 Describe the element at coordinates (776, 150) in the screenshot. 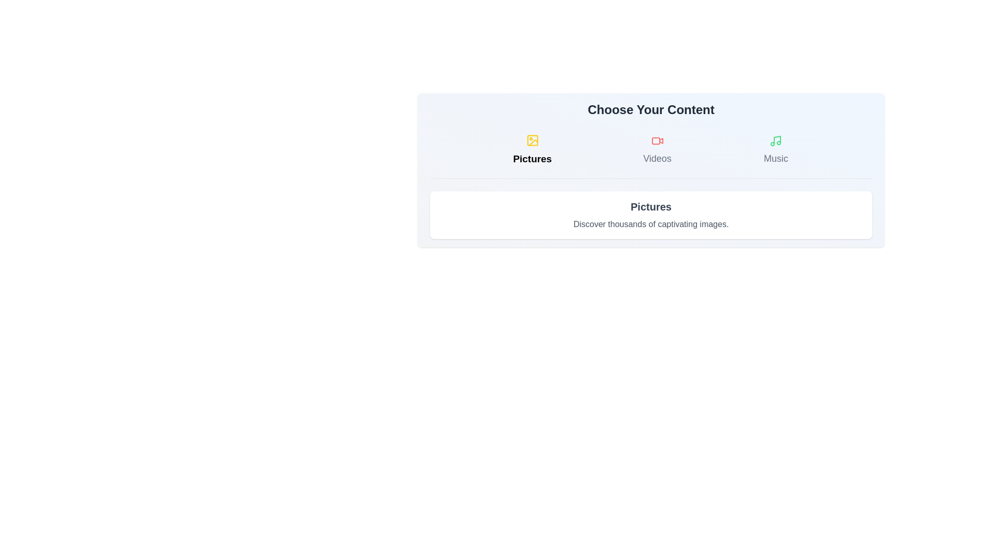

I see `the Music tab to switch content` at that location.